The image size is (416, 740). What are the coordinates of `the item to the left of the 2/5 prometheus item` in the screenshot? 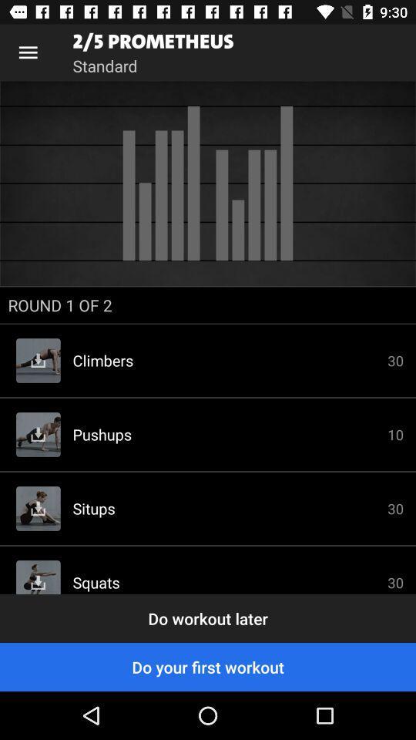 It's located at (28, 52).